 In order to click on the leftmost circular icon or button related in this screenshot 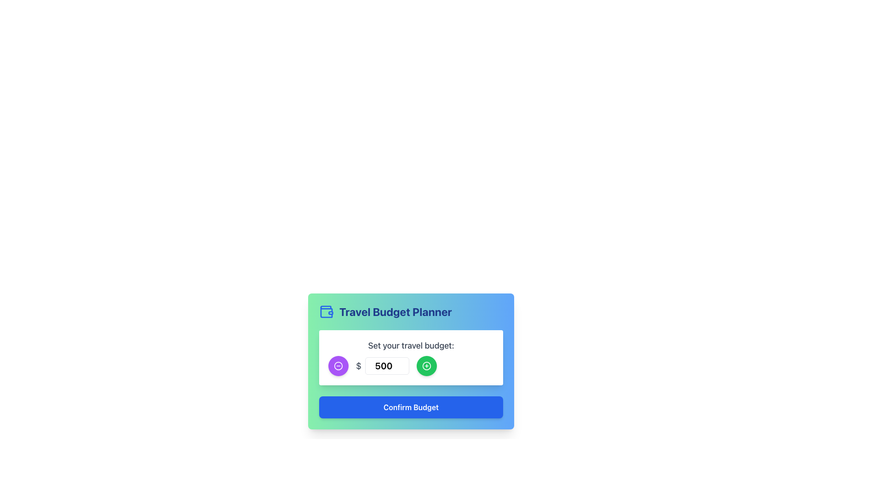, I will do `click(338, 366)`.